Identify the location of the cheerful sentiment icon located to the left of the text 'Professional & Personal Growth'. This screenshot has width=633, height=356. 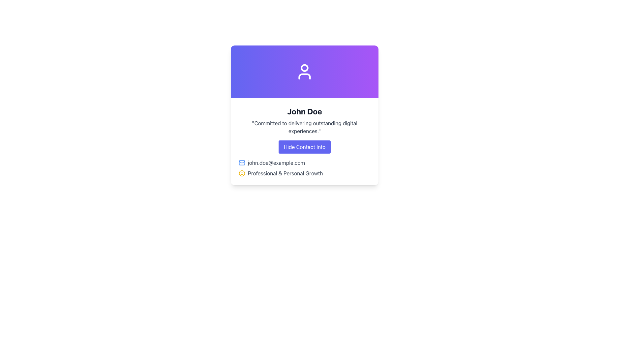
(242, 173).